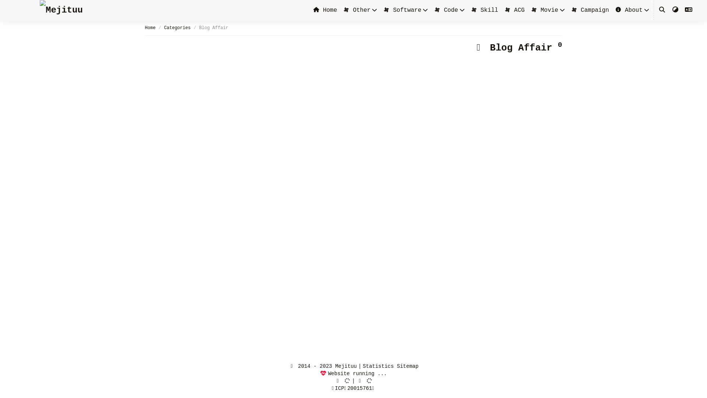  I want to click on 'Categories', so click(177, 28).